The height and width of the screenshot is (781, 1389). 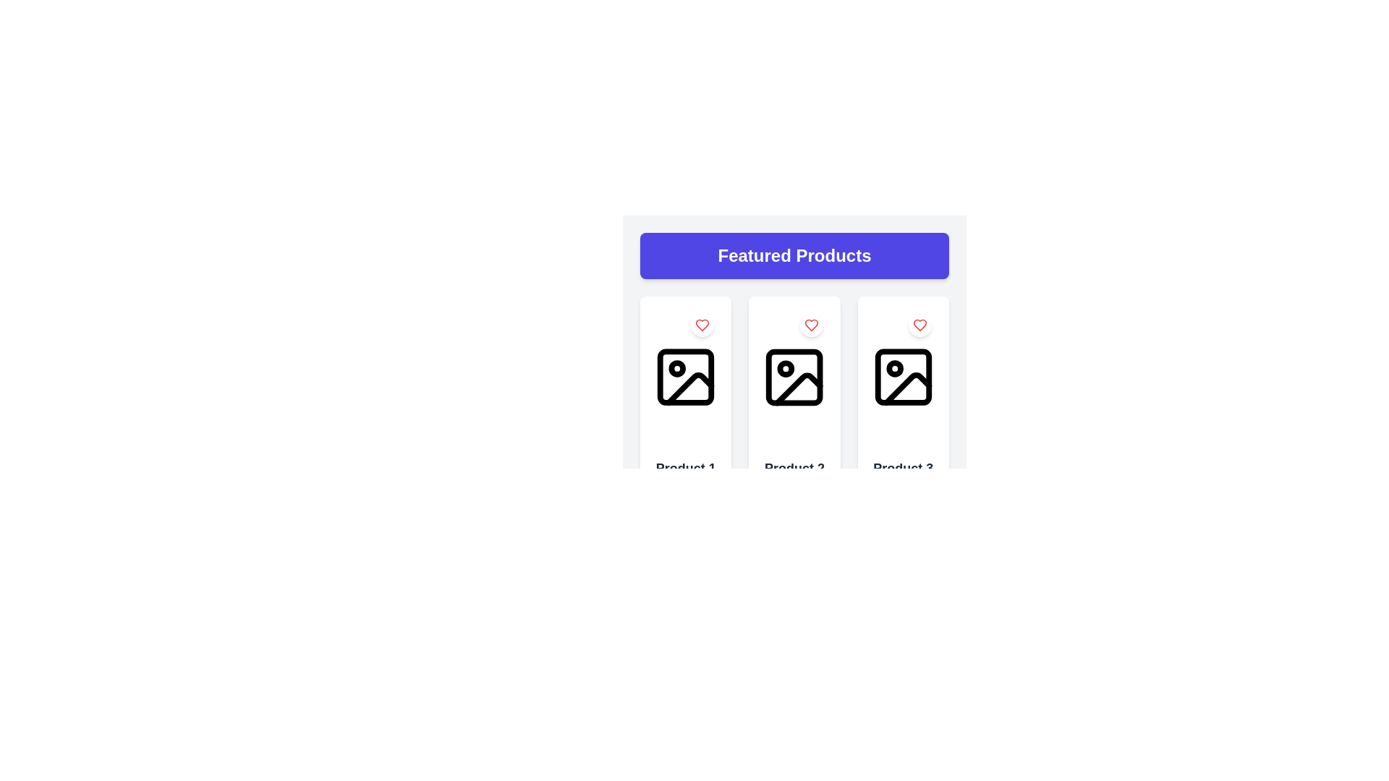 What do you see at coordinates (794, 255) in the screenshot?
I see `the Text Header element that has a background in indigo blue and contains the text 'Featured Products' in white, bold, centered horizontally and vertically` at bounding box center [794, 255].